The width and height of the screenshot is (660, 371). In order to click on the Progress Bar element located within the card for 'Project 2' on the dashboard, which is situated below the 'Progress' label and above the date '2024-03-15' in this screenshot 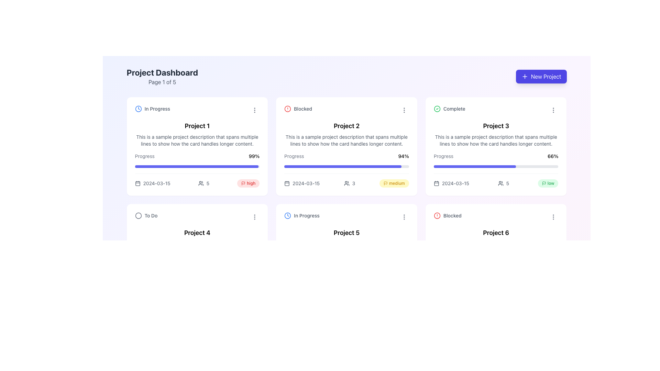, I will do `click(346, 167)`.